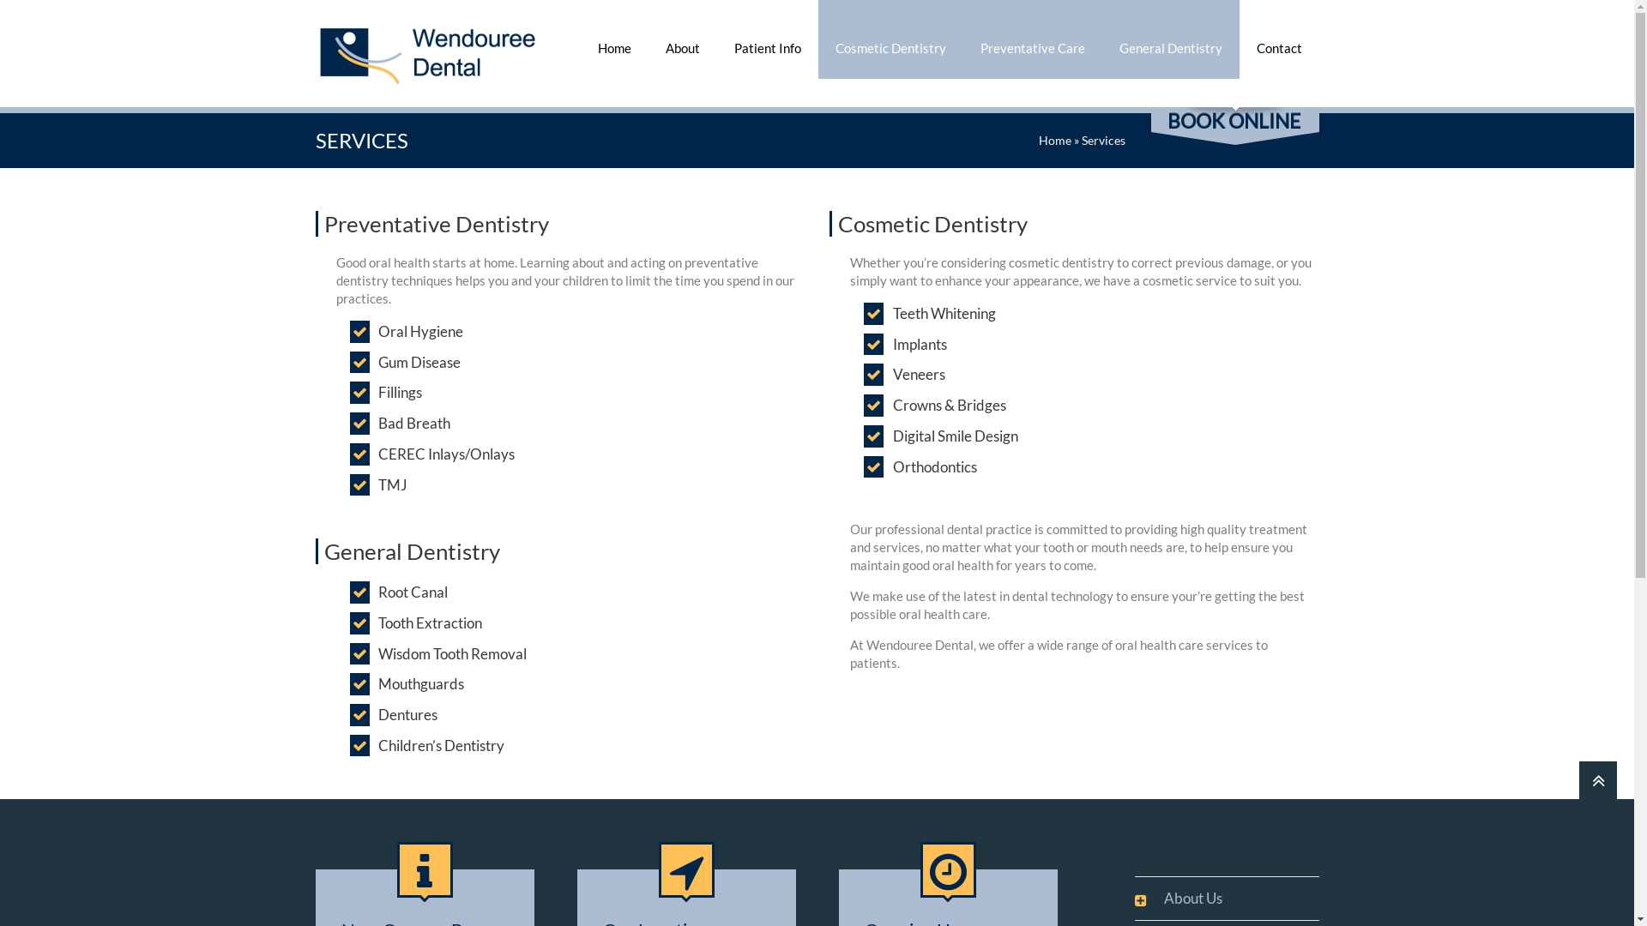 This screenshot has width=1647, height=926. Describe the element at coordinates (420, 331) in the screenshot. I see `'Oral Hygiene'` at that location.